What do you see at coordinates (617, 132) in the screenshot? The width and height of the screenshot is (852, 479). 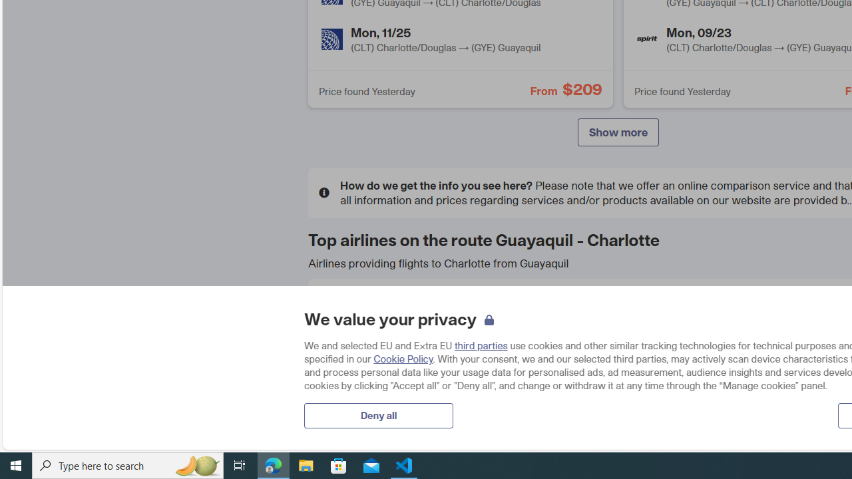 I see `'Show more'` at bounding box center [617, 132].